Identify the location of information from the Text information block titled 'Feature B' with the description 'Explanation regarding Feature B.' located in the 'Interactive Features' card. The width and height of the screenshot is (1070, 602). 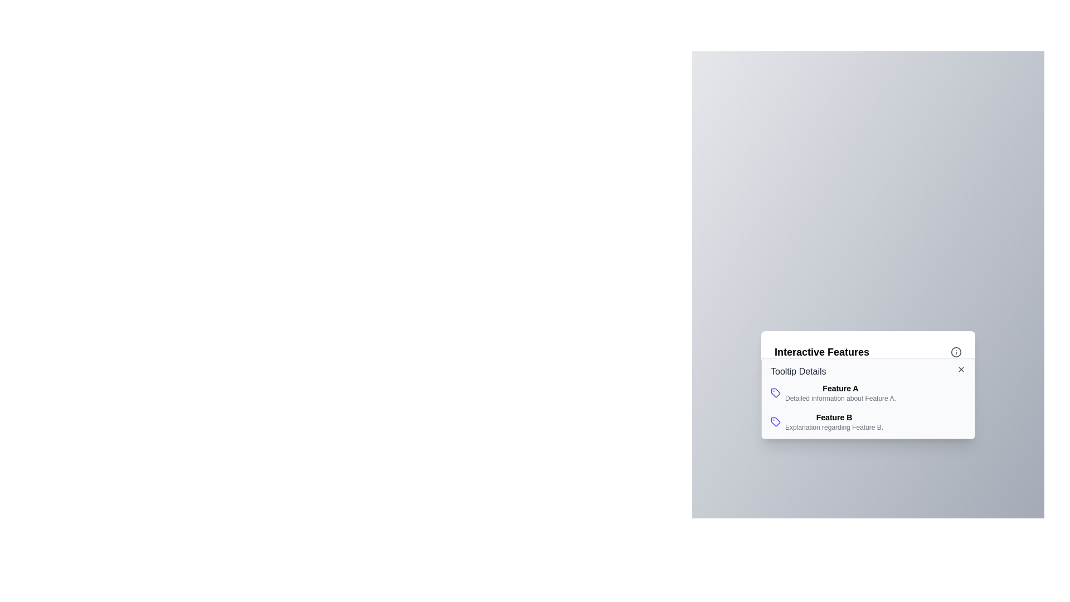
(834, 421).